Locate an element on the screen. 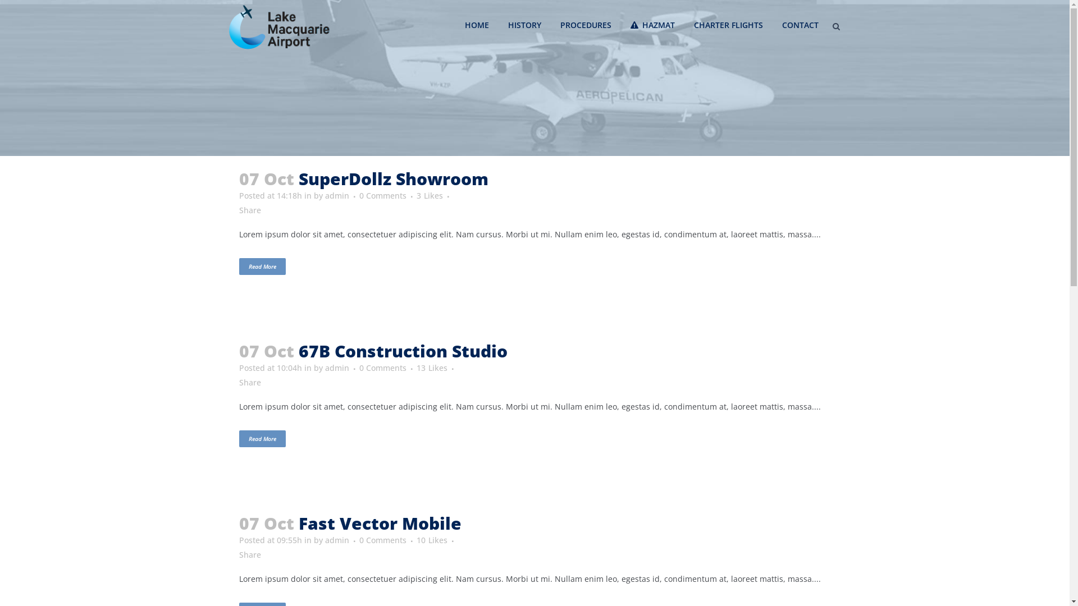  'Share' is located at coordinates (249, 210).